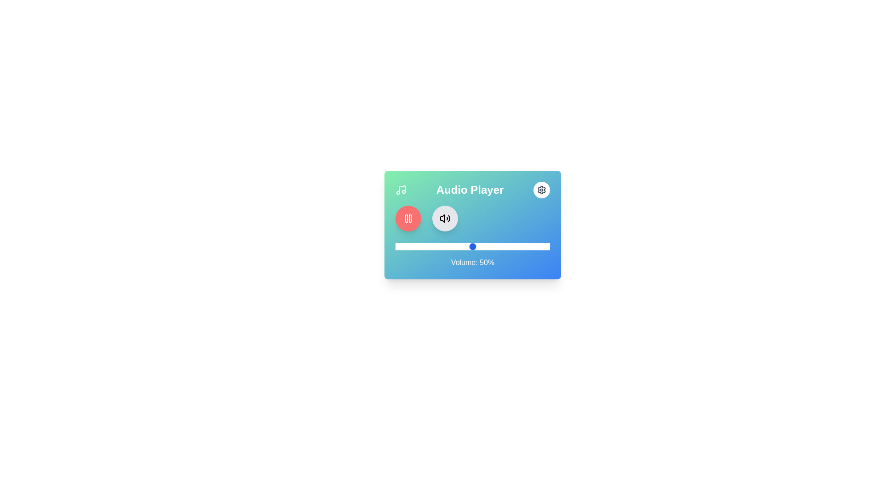 Image resolution: width=883 pixels, height=497 pixels. What do you see at coordinates (541, 189) in the screenshot?
I see `the circular button with a gear-shaped icon located at the top-right corner of the 'Audio Player' component` at bounding box center [541, 189].